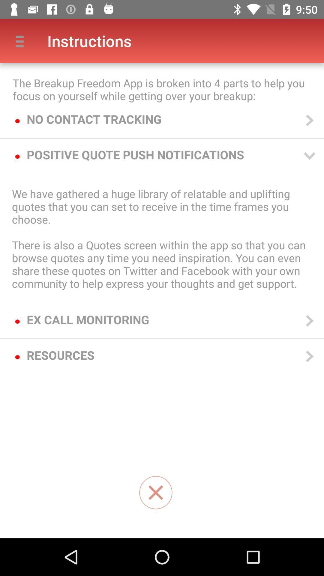 The width and height of the screenshot is (324, 576). What do you see at coordinates (155, 493) in the screenshot?
I see `button` at bounding box center [155, 493].